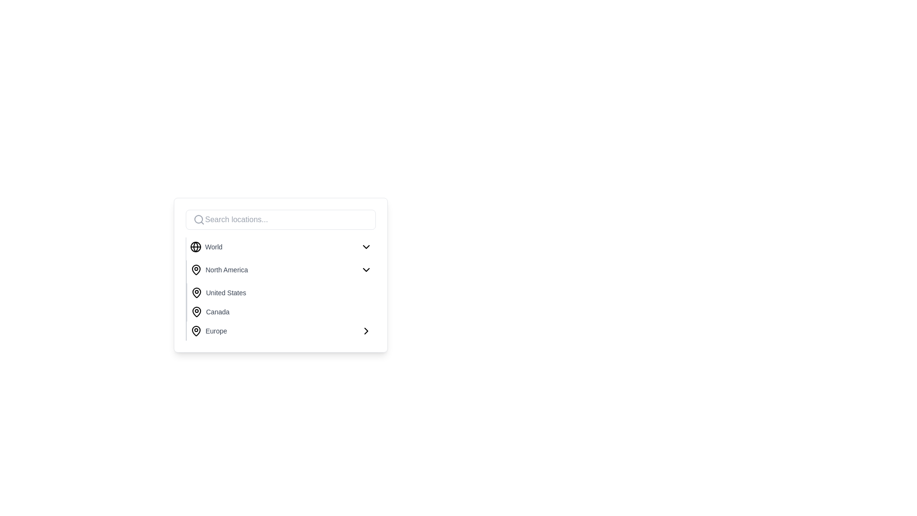 The width and height of the screenshot is (917, 516). What do you see at coordinates (280, 331) in the screenshot?
I see `the list item in the dropdown menu labeled 'Europe'` at bounding box center [280, 331].